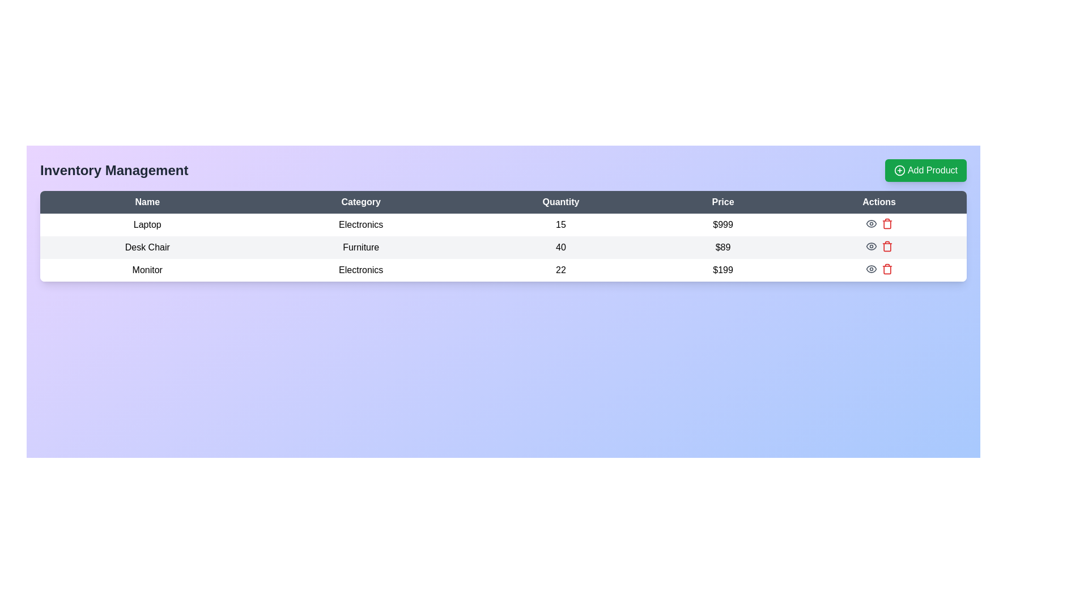 The width and height of the screenshot is (1088, 612). What do you see at coordinates (503, 246) in the screenshot?
I see `the second row in the table that contains 'Desk Chair' under the 'Name' section, 'Furniture' under 'Category,' '40' under 'Quantity,' and '$89' under 'Price.'` at bounding box center [503, 246].